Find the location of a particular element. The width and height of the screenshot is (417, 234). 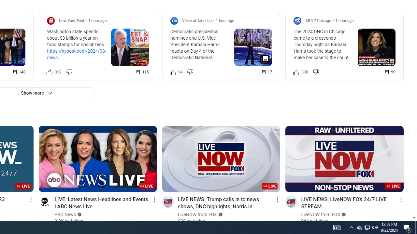

'Like this post along with 332 other people' is located at coordinates (49, 72).